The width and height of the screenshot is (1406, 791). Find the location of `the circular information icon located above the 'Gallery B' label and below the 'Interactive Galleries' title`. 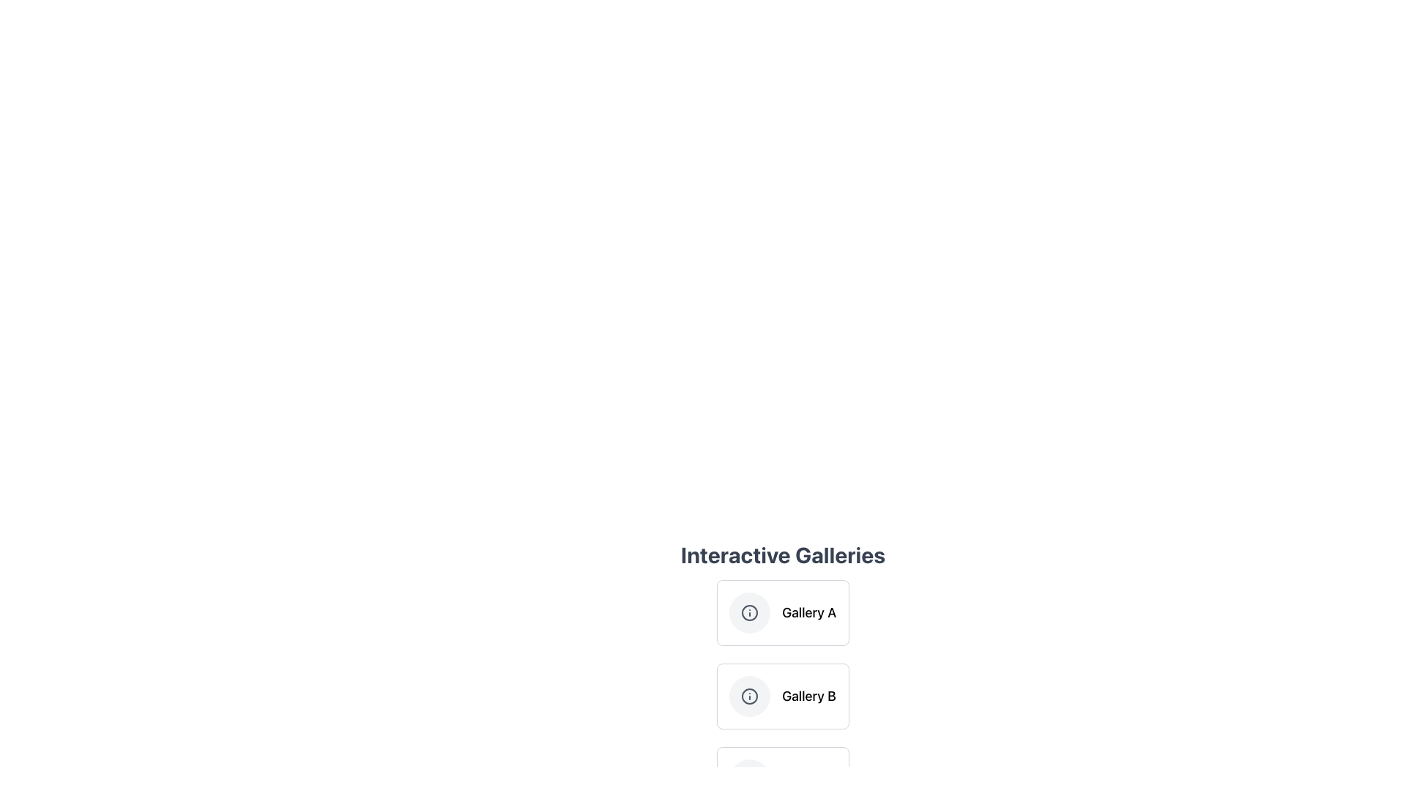

the circular information icon located above the 'Gallery B' label and below the 'Interactive Galleries' title is located at coordinates (749, 613).